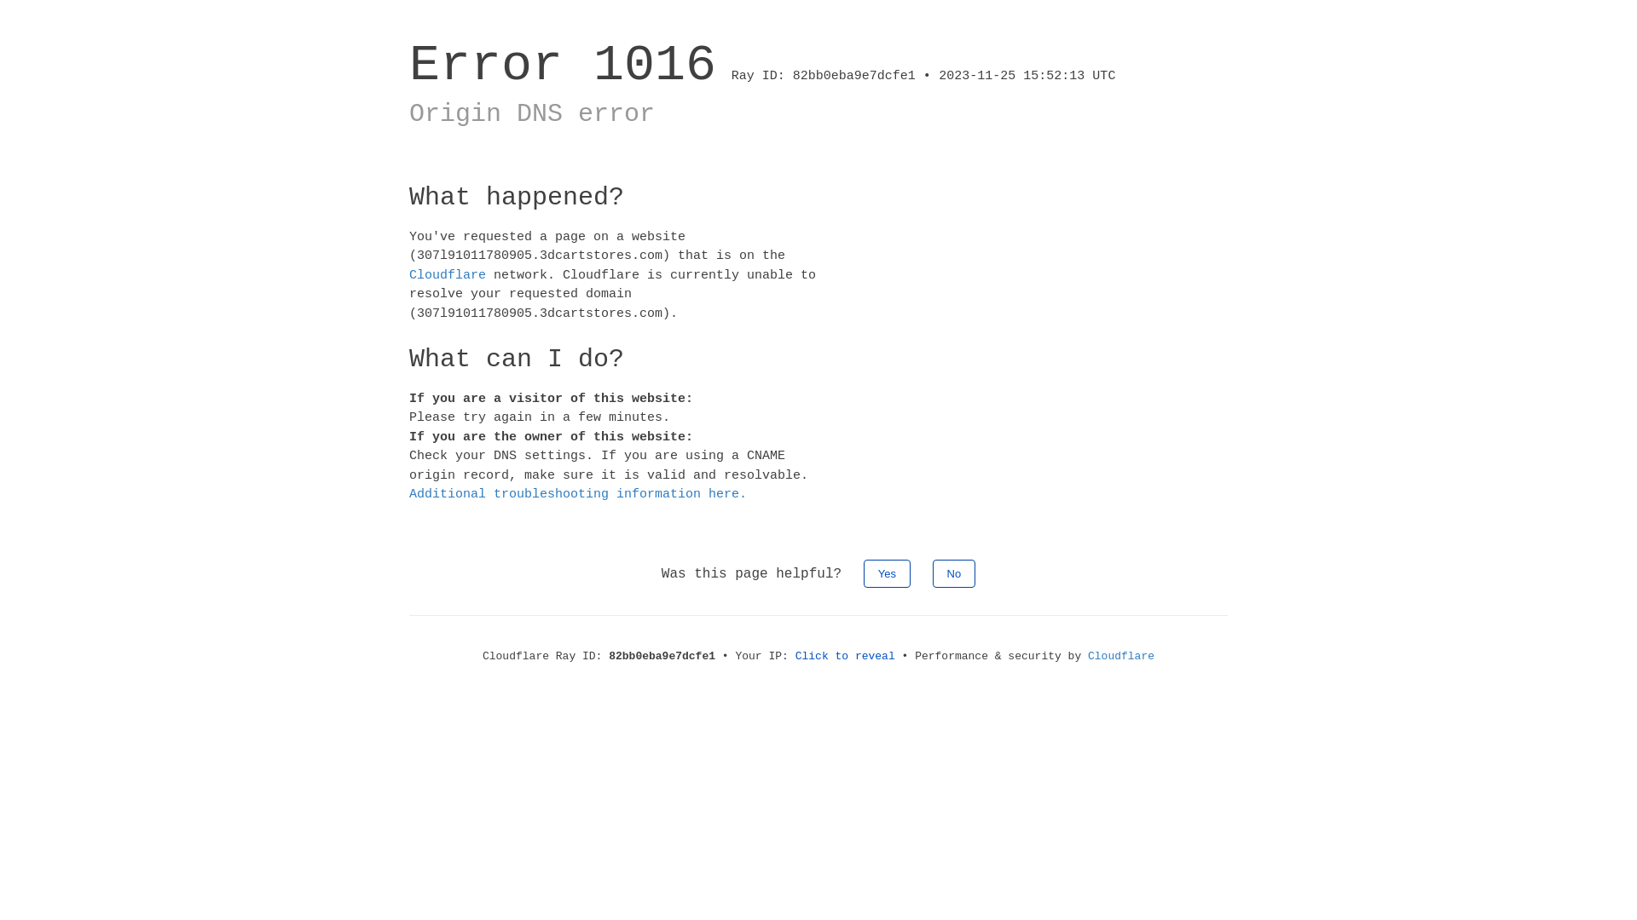 Image resolution: width=1637 pixels, height=920 pixels. I want to click on 'Cloudflare', so click(447, 273).